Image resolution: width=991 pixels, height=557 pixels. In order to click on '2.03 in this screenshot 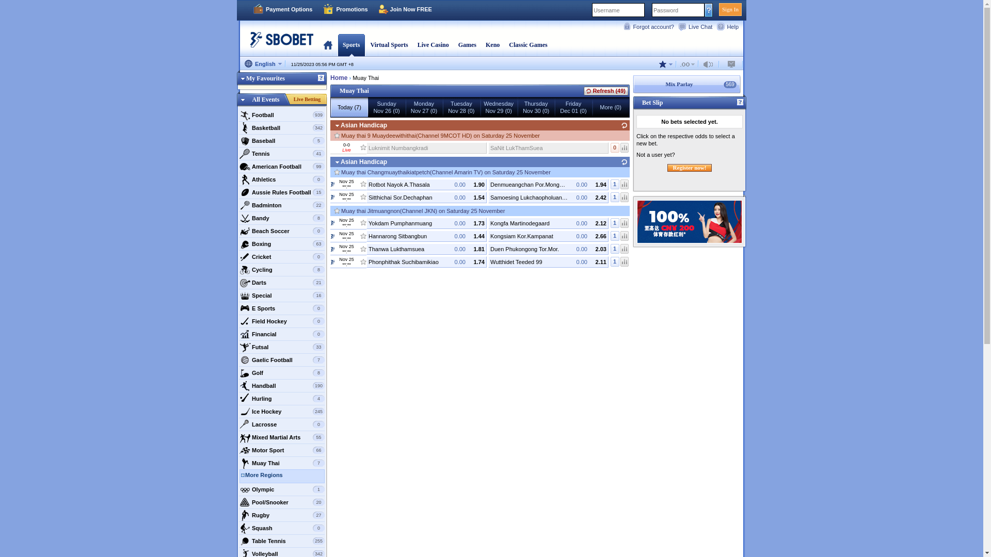, I will do `click(548, 249)`.